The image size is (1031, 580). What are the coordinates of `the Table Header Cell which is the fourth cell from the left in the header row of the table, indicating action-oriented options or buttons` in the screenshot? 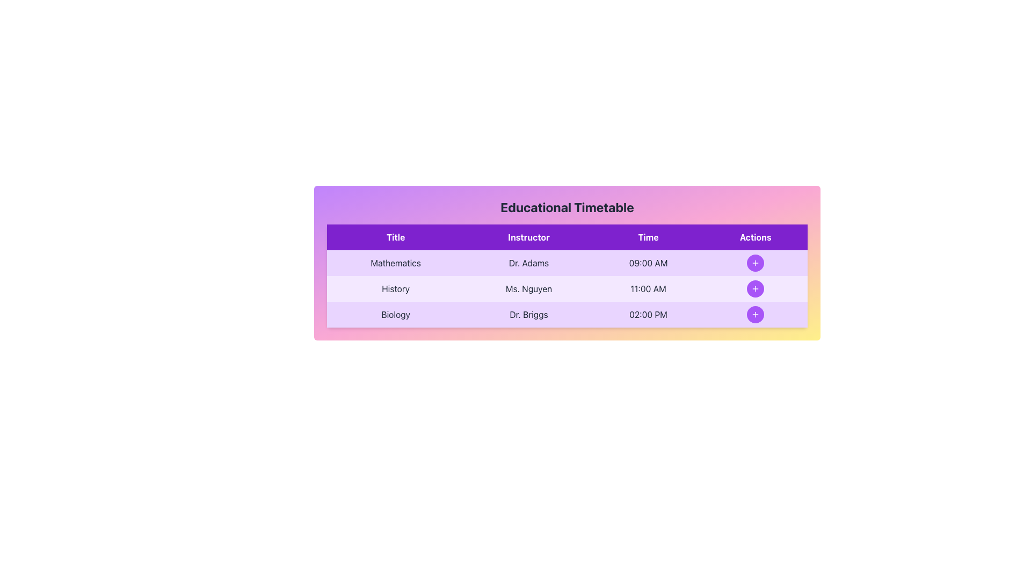 It's located at (755, 237).